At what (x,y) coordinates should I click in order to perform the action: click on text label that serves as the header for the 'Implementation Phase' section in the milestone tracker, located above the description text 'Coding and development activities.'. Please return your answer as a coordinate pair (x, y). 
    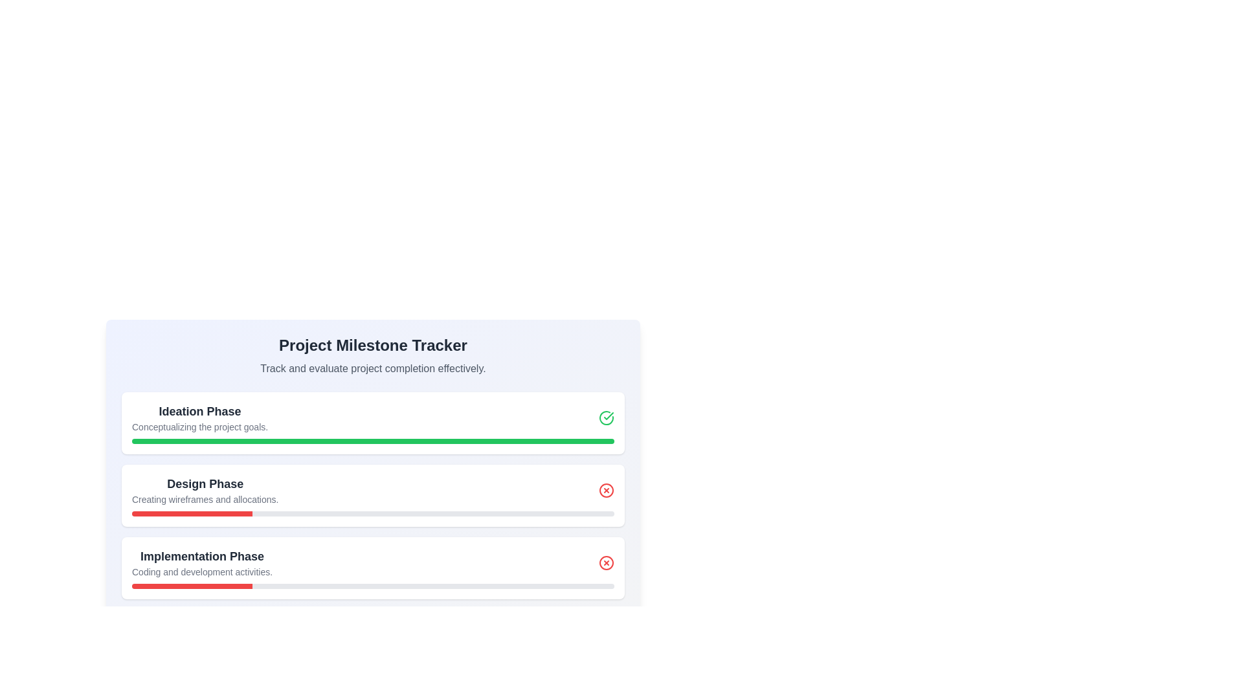
    Looking at the image, I should click on (201, 556).